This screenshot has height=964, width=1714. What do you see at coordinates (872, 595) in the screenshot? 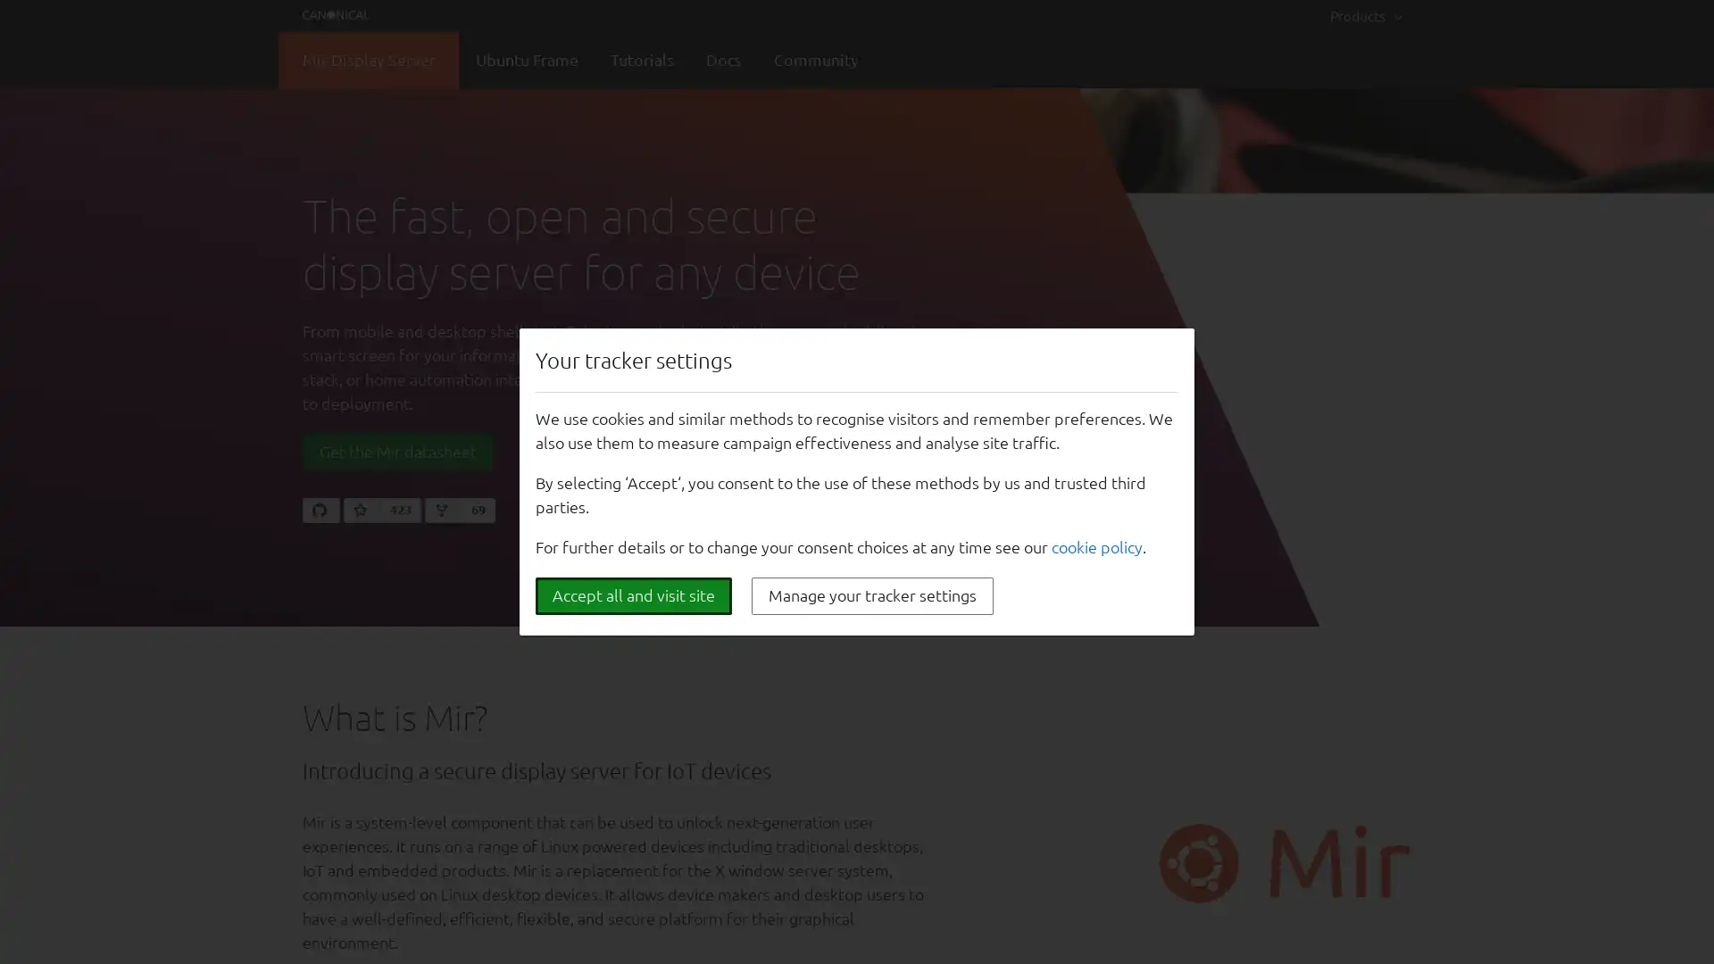
I see `Manage your tracker settings` at bounding box center [872, 595].